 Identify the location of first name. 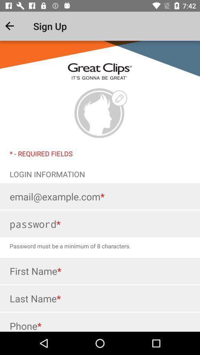
(100, 270).